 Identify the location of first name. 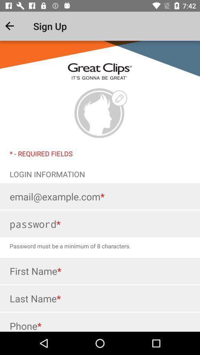
(100, 270).